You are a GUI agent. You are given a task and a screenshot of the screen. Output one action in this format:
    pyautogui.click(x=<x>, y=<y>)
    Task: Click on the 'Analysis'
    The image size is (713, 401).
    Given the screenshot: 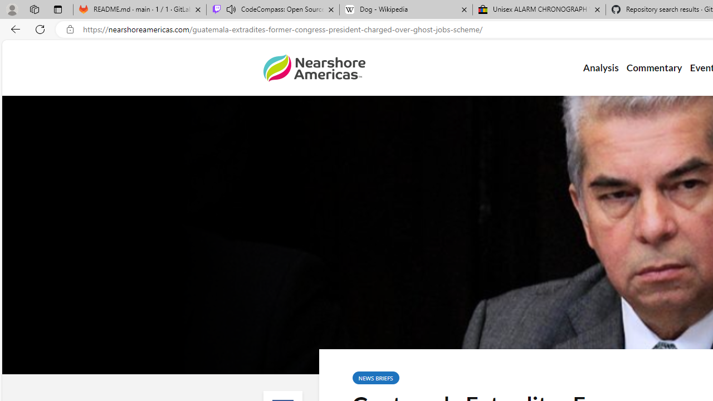 What is the action you would take?
    pyautogui.click(x=600, y=68)
    